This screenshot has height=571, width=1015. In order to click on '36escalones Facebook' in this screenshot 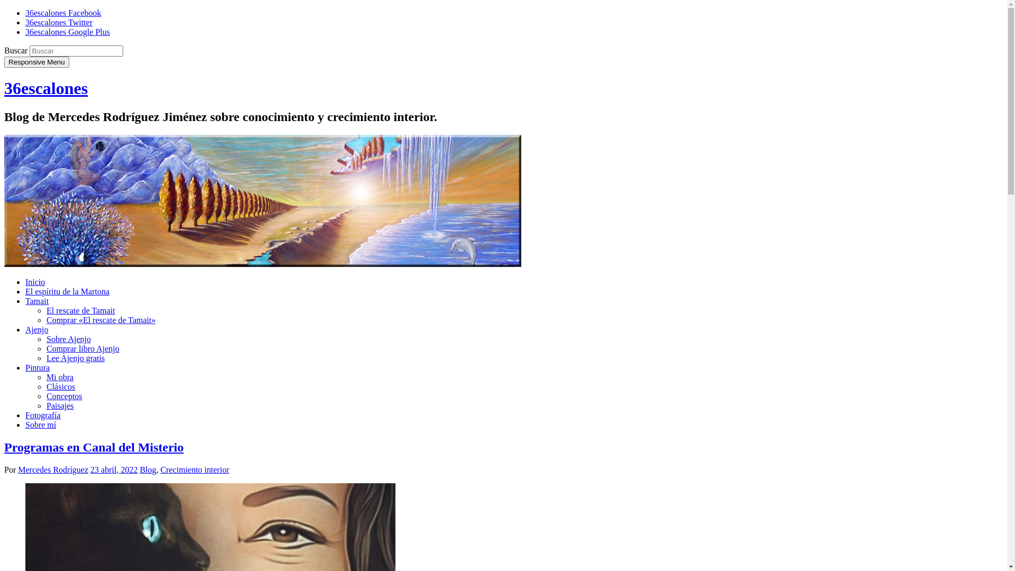, I will do `click(63, 13)`.